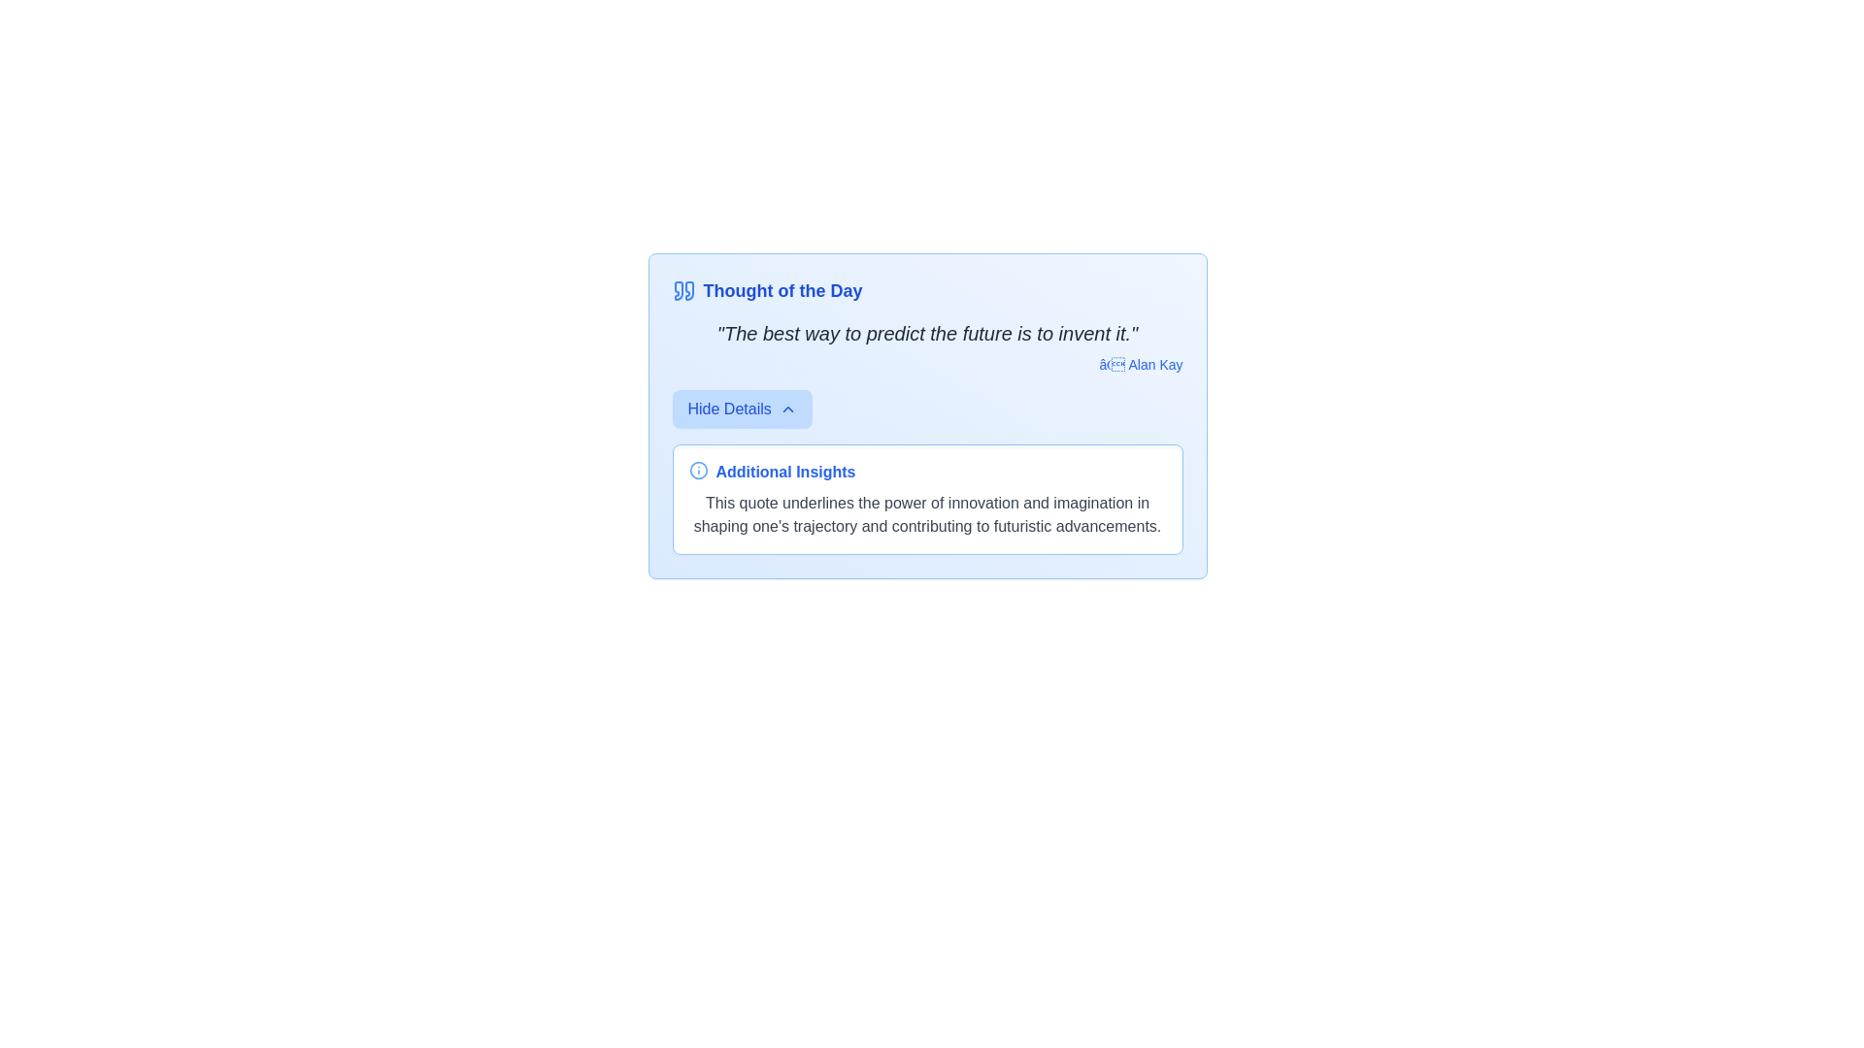  I want to click on the 'Hide Details' button, which is a rectangular button with rounded corners and a light blue background, located in the top-middle portion of the card layout, so click(741, 408).